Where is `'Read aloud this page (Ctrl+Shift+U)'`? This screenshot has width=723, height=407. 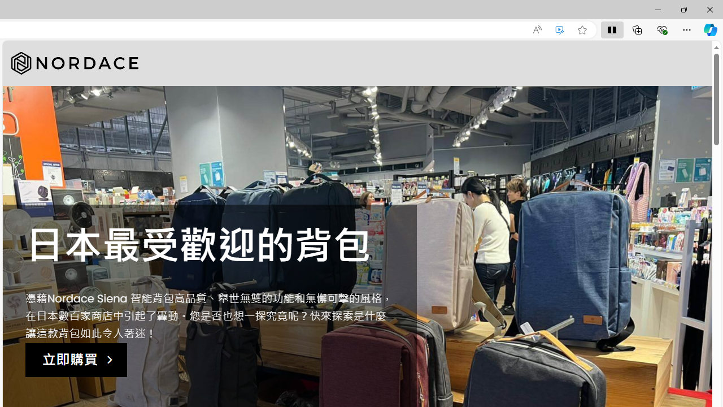 'Read aloud this page (Ctrl+Shift+U)' is located at coordinates (537, 29).